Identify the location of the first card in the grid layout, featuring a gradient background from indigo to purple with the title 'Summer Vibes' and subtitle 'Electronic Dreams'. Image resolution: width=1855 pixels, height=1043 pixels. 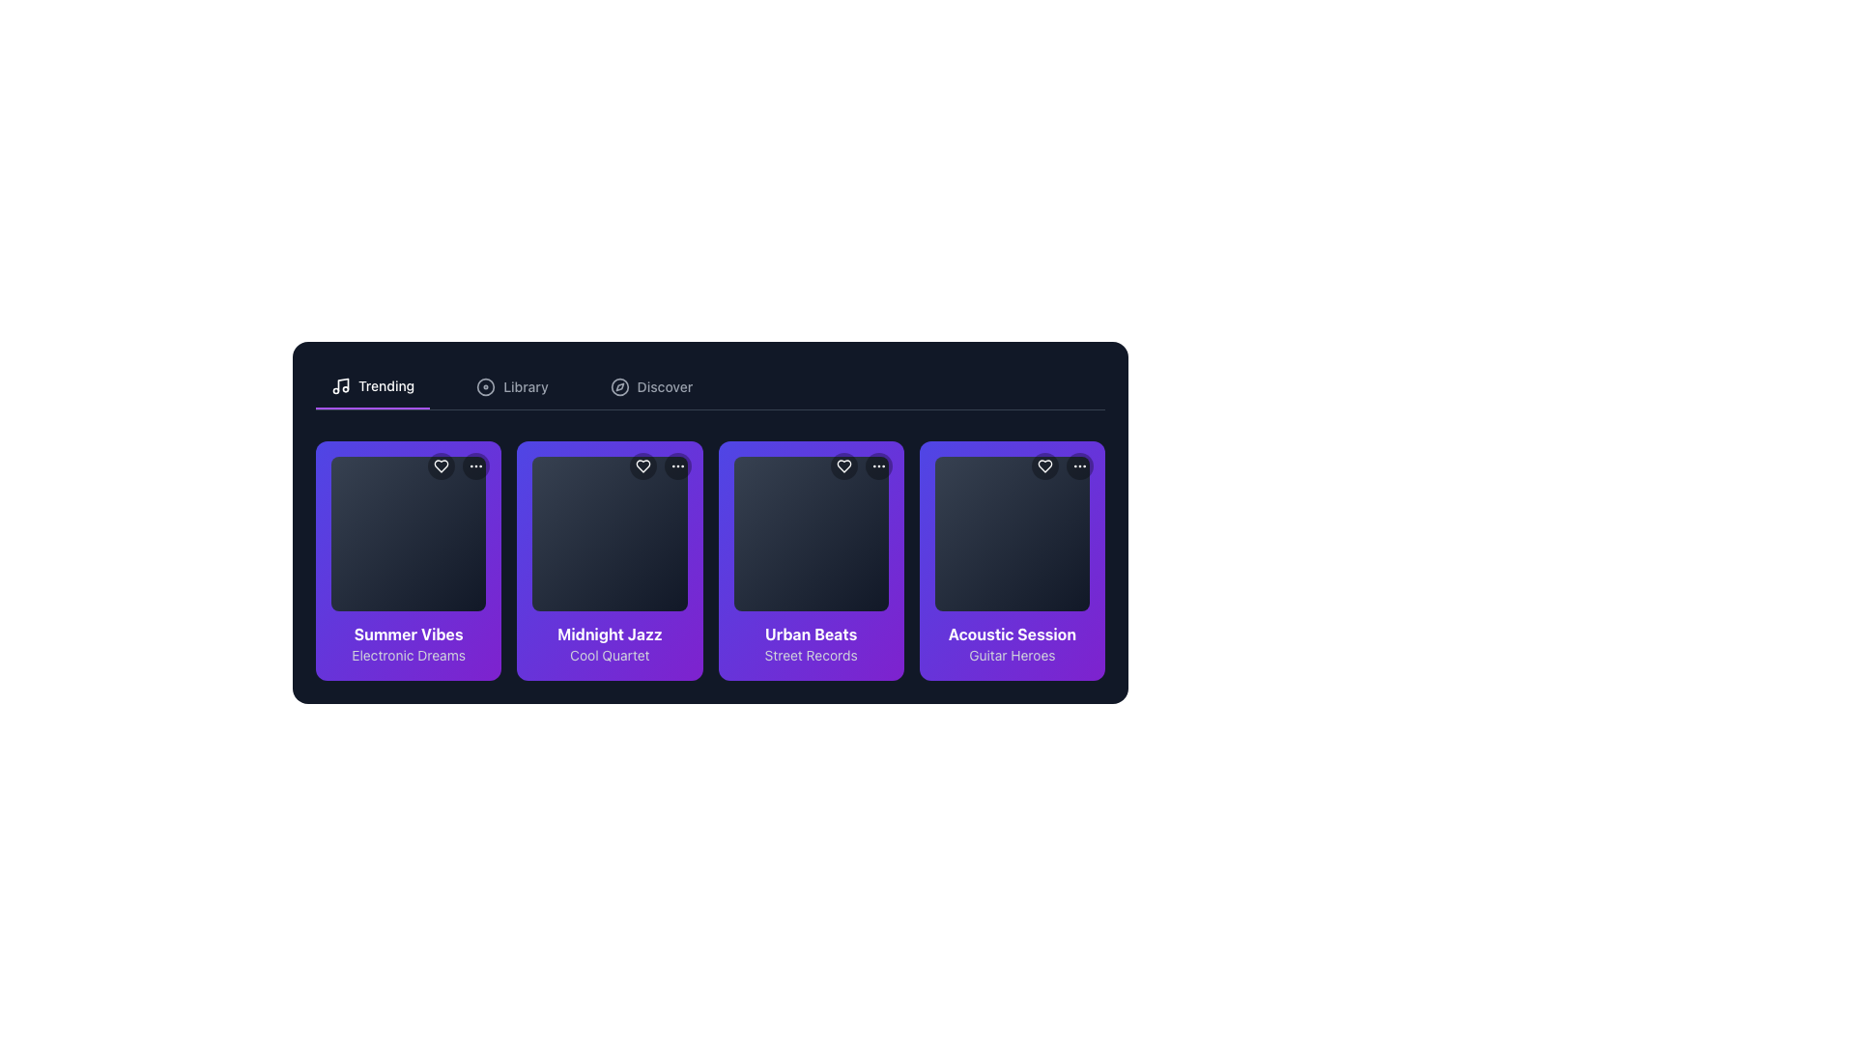
(408, 561).